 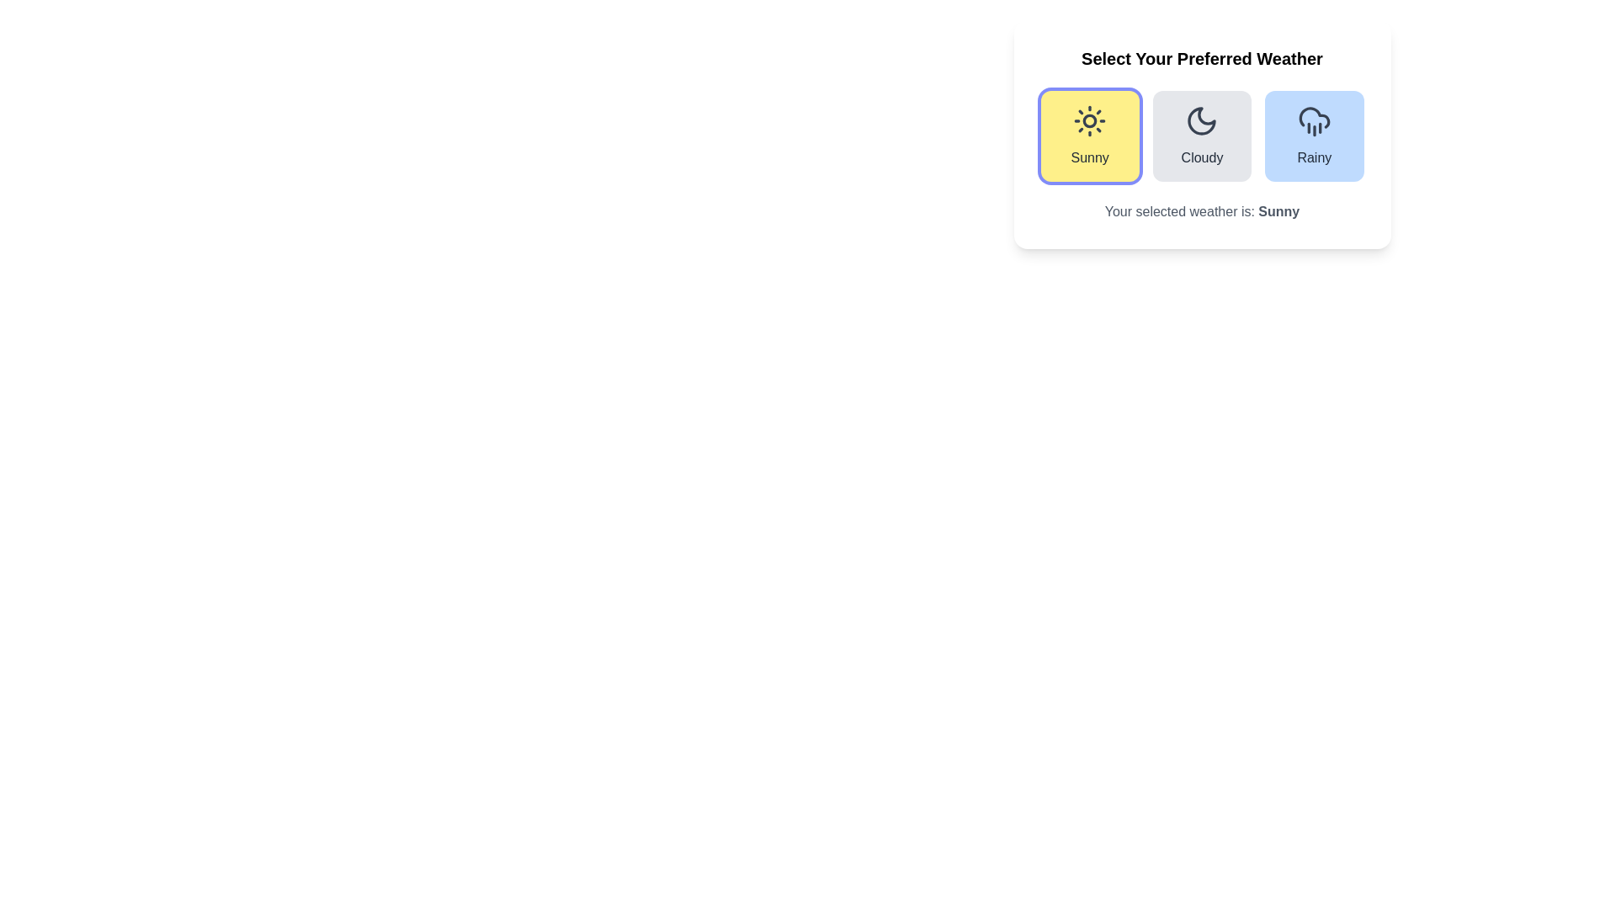 I want to click on the SVG icon representing the stylized moon, which indicates the 'Cloudy' weather condition, located above the 'Cloudy' label, so click(x=1201, y=120).